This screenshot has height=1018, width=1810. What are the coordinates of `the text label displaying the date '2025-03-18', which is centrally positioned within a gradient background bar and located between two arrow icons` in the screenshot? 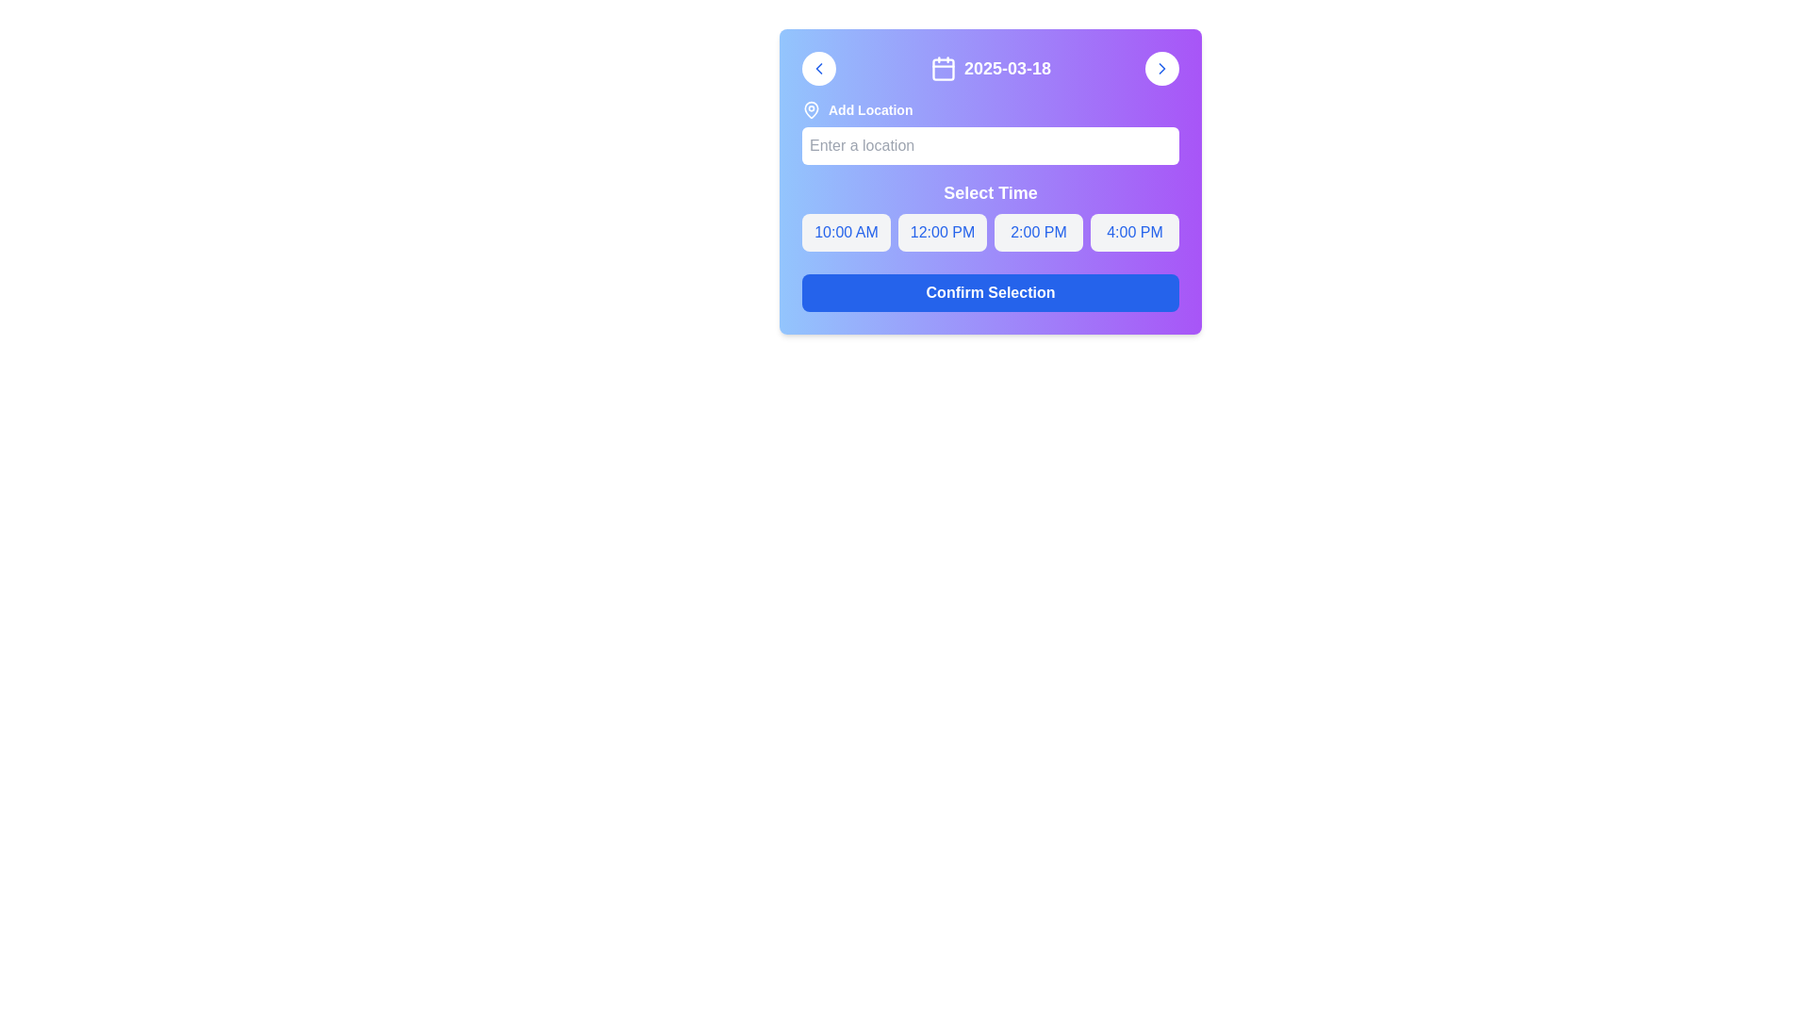 It's located at (990, 68).